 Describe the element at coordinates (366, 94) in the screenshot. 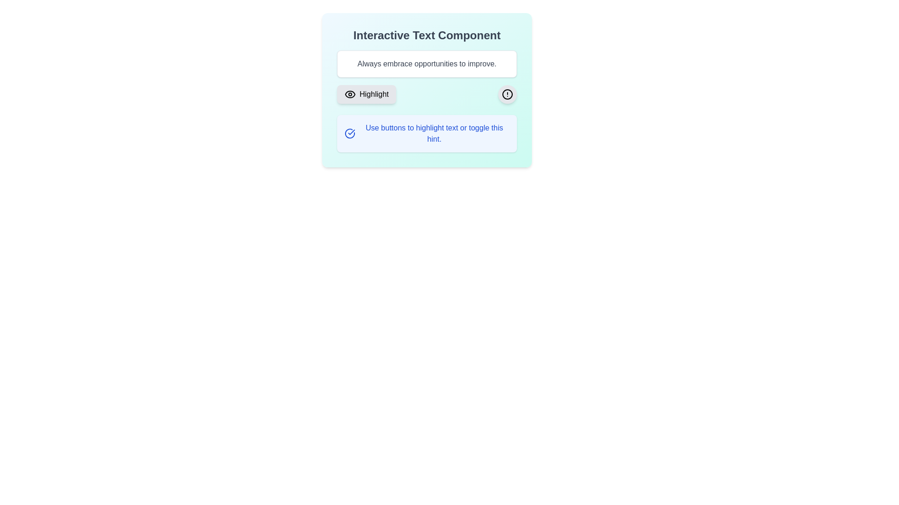

I see `the 'Highlight' button with an eye icon, which is a rectangular button with a light gray background and black text` at that location.